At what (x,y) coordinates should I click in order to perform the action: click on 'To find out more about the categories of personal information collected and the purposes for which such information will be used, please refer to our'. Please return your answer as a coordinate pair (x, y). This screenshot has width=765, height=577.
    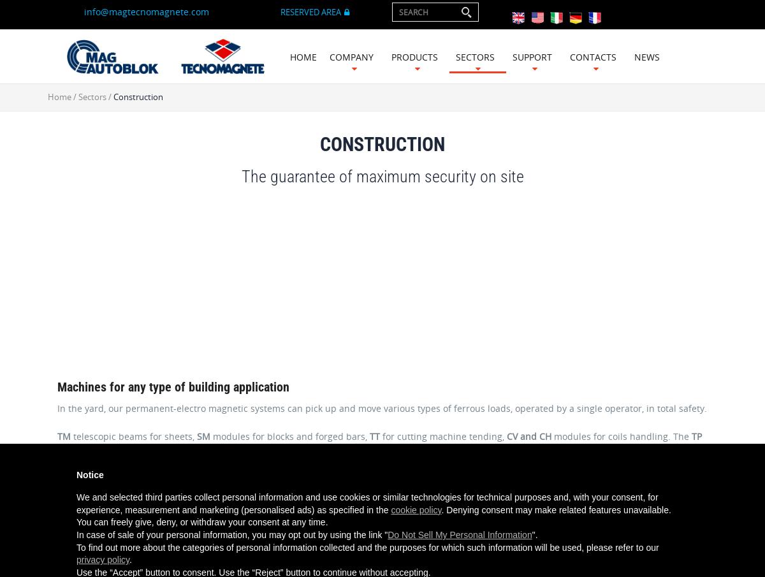
    Looking at the image, I should click on (367, 547).